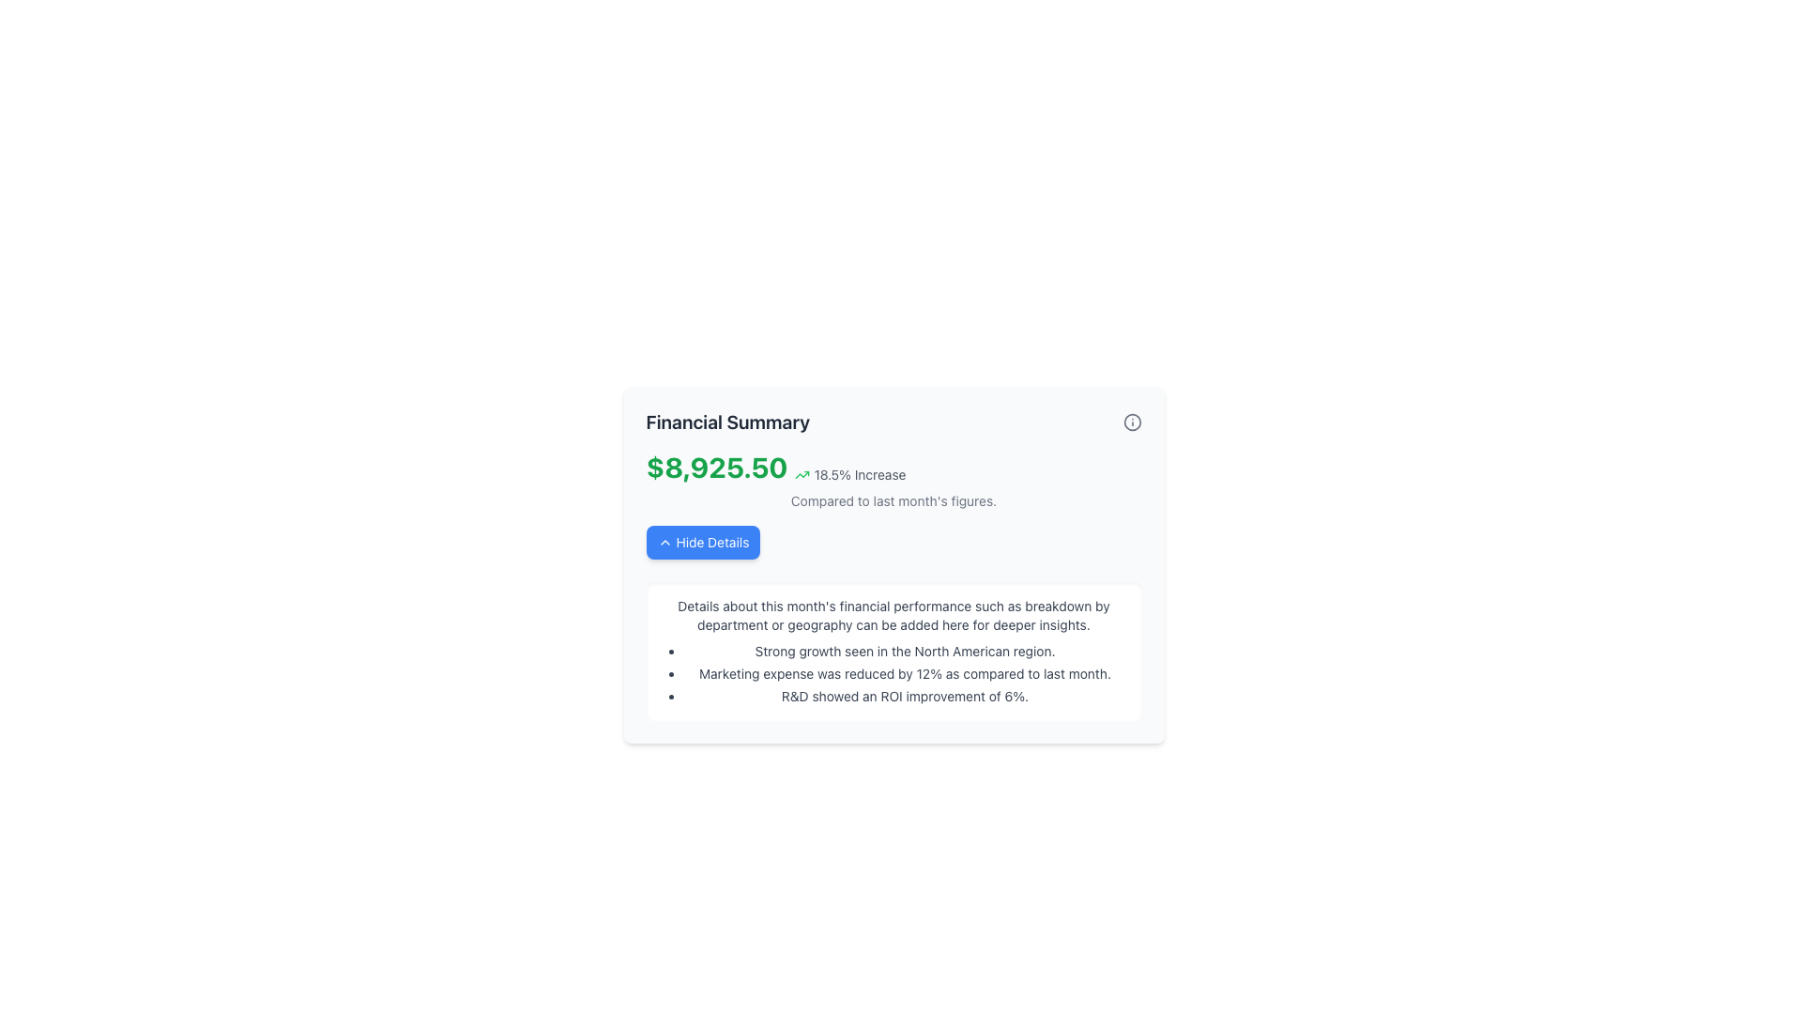  Describe the element at coordinates (905, 696) in the screenshot. I see `third item in the vertically arranged bulleted list that provides performance metrics for the R&D department, located below the statement about marketing expenses` at that location.